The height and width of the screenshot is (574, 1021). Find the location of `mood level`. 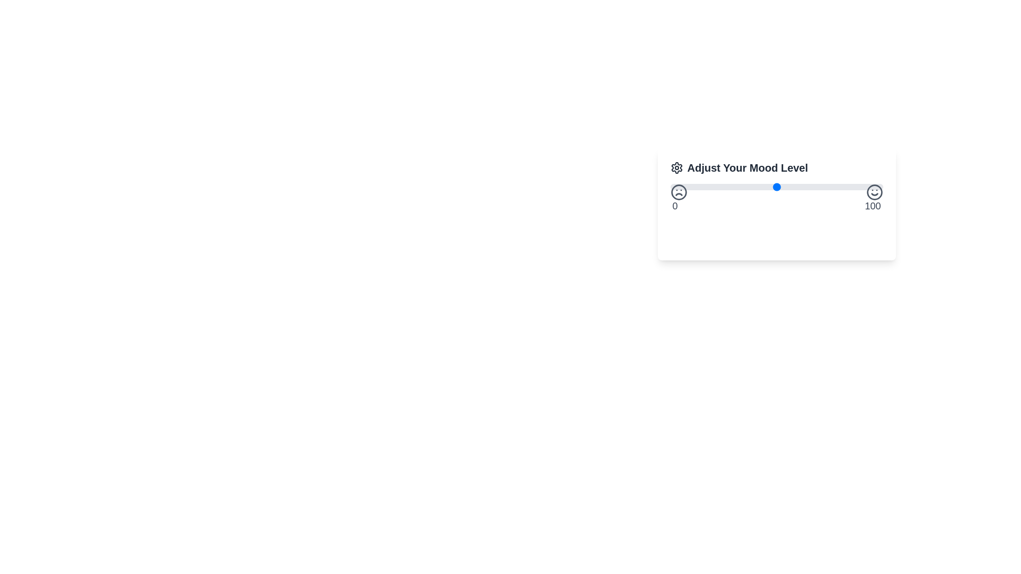

mood level is located at coordinates (755, 186).